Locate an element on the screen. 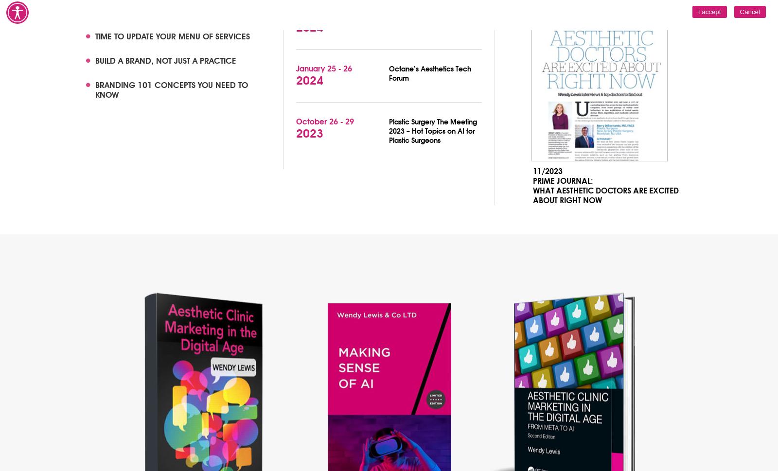  'Plastic Surgery The Meeting 2023 – Hot Topics on AI for Plastic Surgeons' is located at coordinates (432, 130).